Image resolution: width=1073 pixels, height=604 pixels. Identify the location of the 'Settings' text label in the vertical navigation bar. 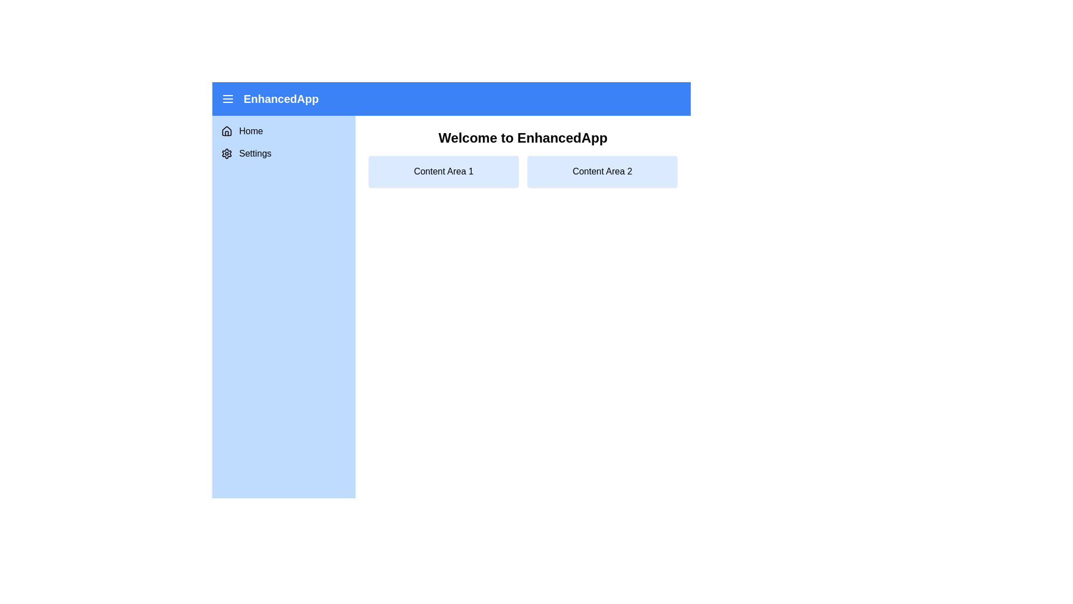
(254, 153).